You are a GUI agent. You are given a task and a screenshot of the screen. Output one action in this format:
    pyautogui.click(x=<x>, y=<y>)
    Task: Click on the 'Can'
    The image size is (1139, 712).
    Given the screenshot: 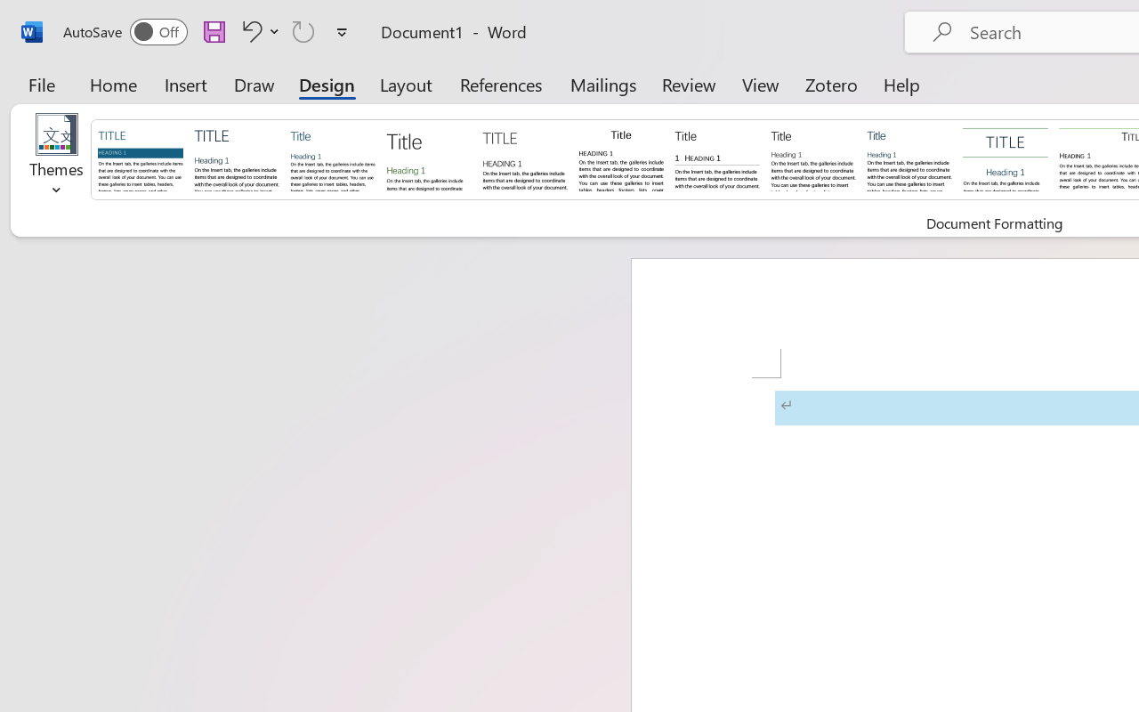 What is the action you would take?
    pyautogui.click(x=303, y=30)
    